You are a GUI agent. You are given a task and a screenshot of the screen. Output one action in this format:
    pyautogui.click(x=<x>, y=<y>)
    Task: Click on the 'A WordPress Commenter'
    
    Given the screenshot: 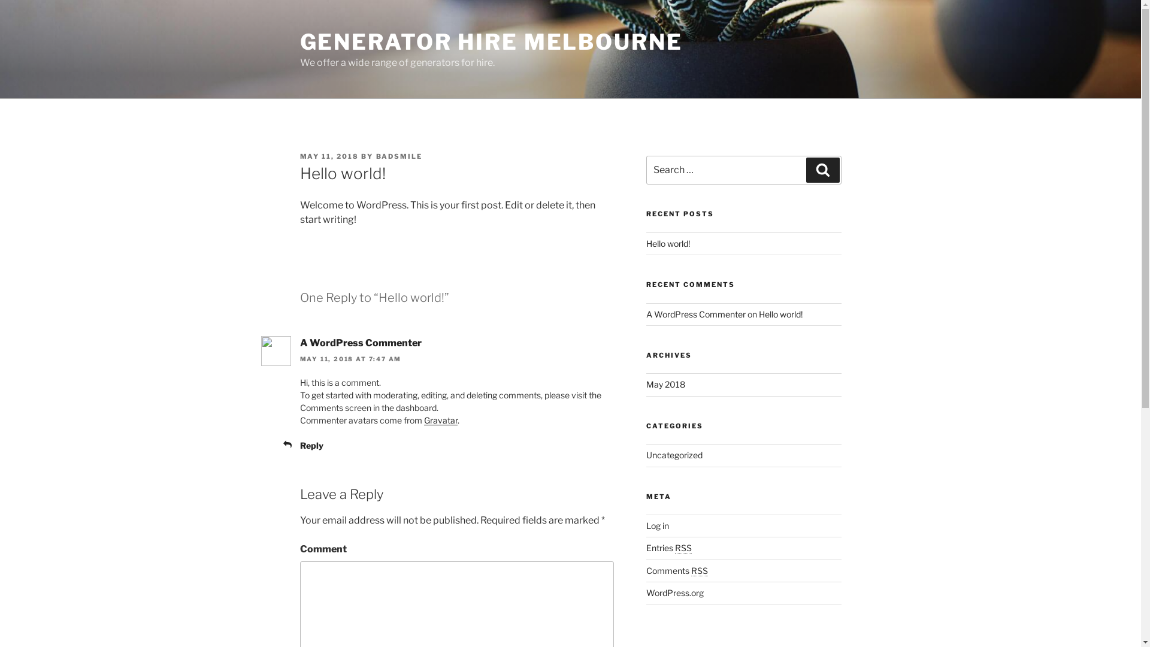 What is the action you would take?
    pyautogui.click(x=695, y=313)
    